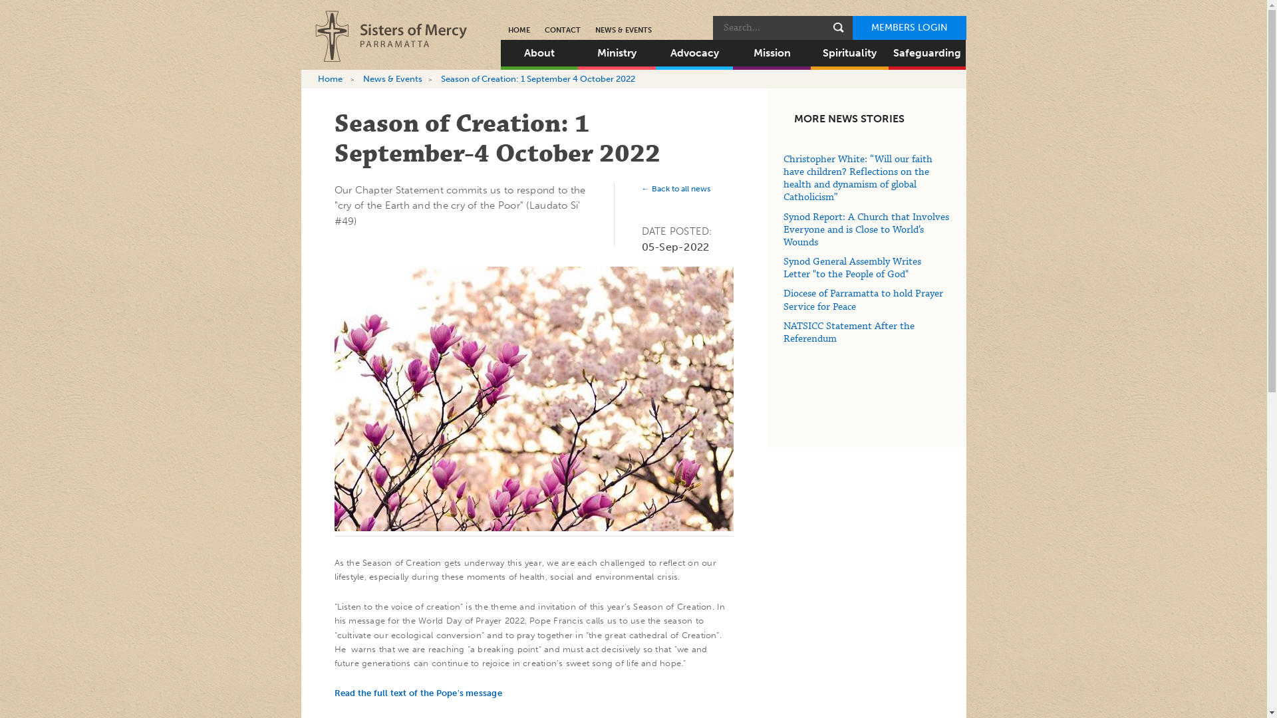 The image size is (1277, 718). Describe the element at coordinates (517, 30) in the screenshot. I see `'HOME'` at that location.